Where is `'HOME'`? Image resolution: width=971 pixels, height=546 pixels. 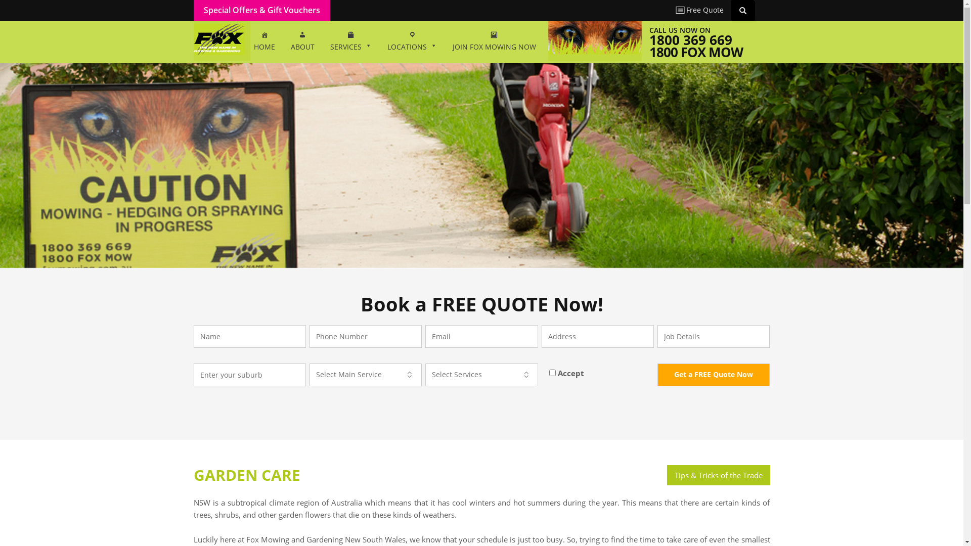 'HOME' is located at coordinates (264, 41).